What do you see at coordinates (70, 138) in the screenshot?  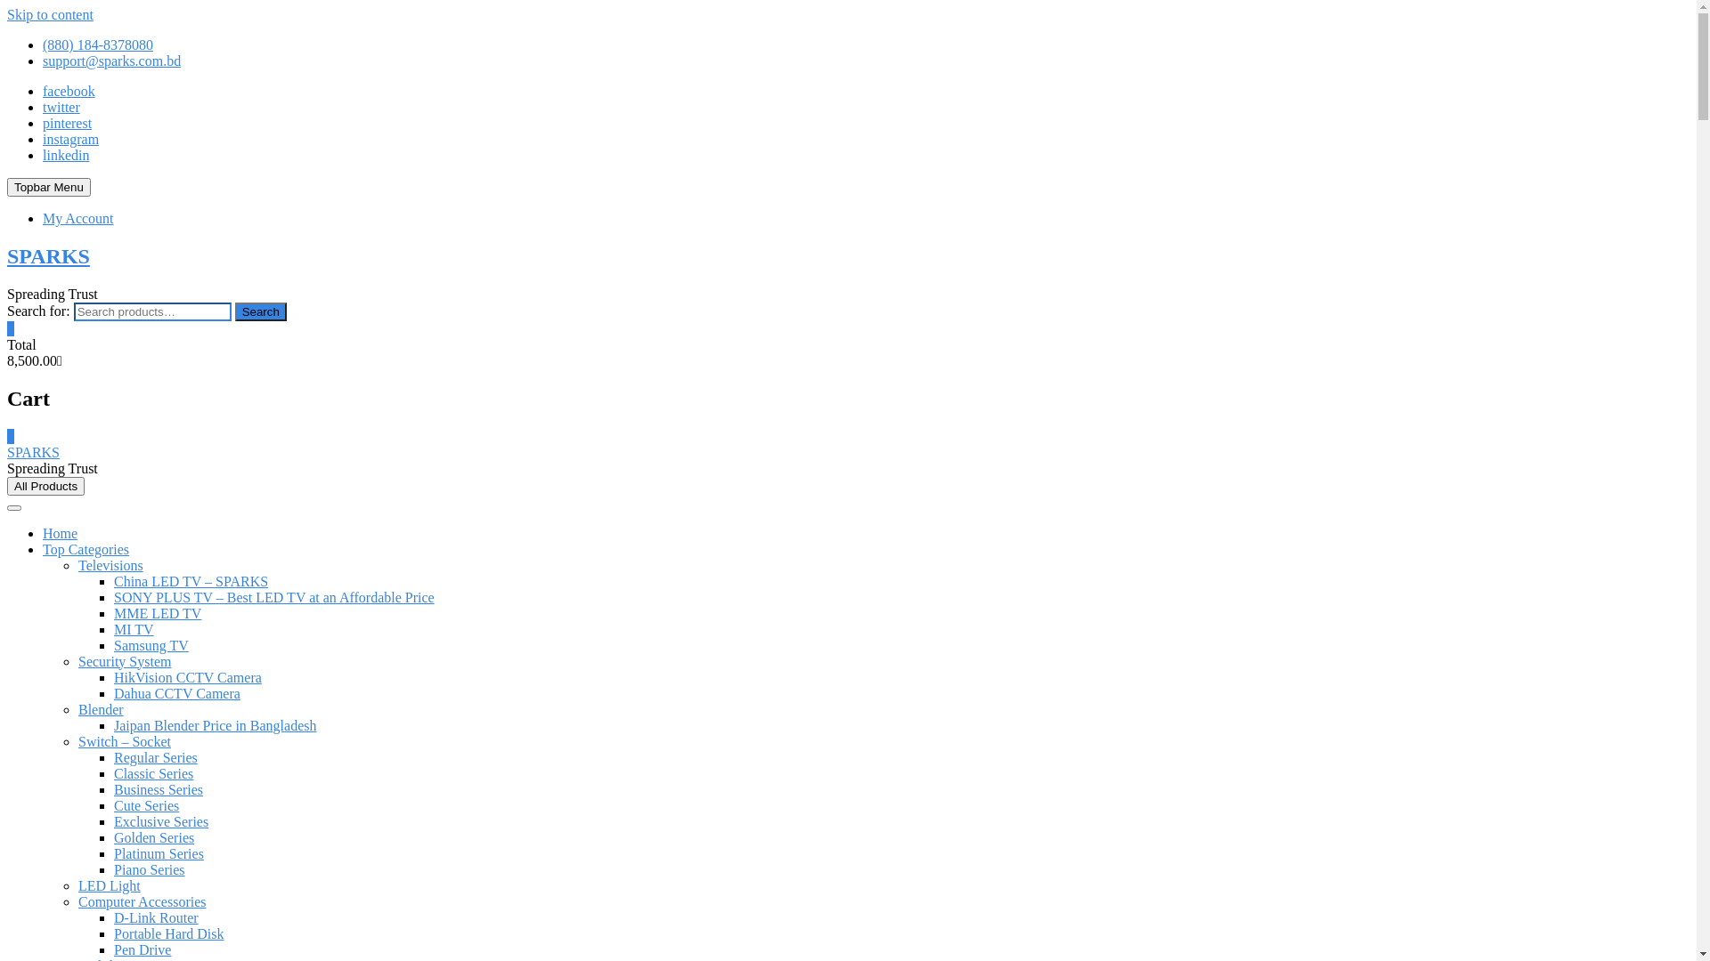 I see `'instagram'` at bounding box center [70, 138].